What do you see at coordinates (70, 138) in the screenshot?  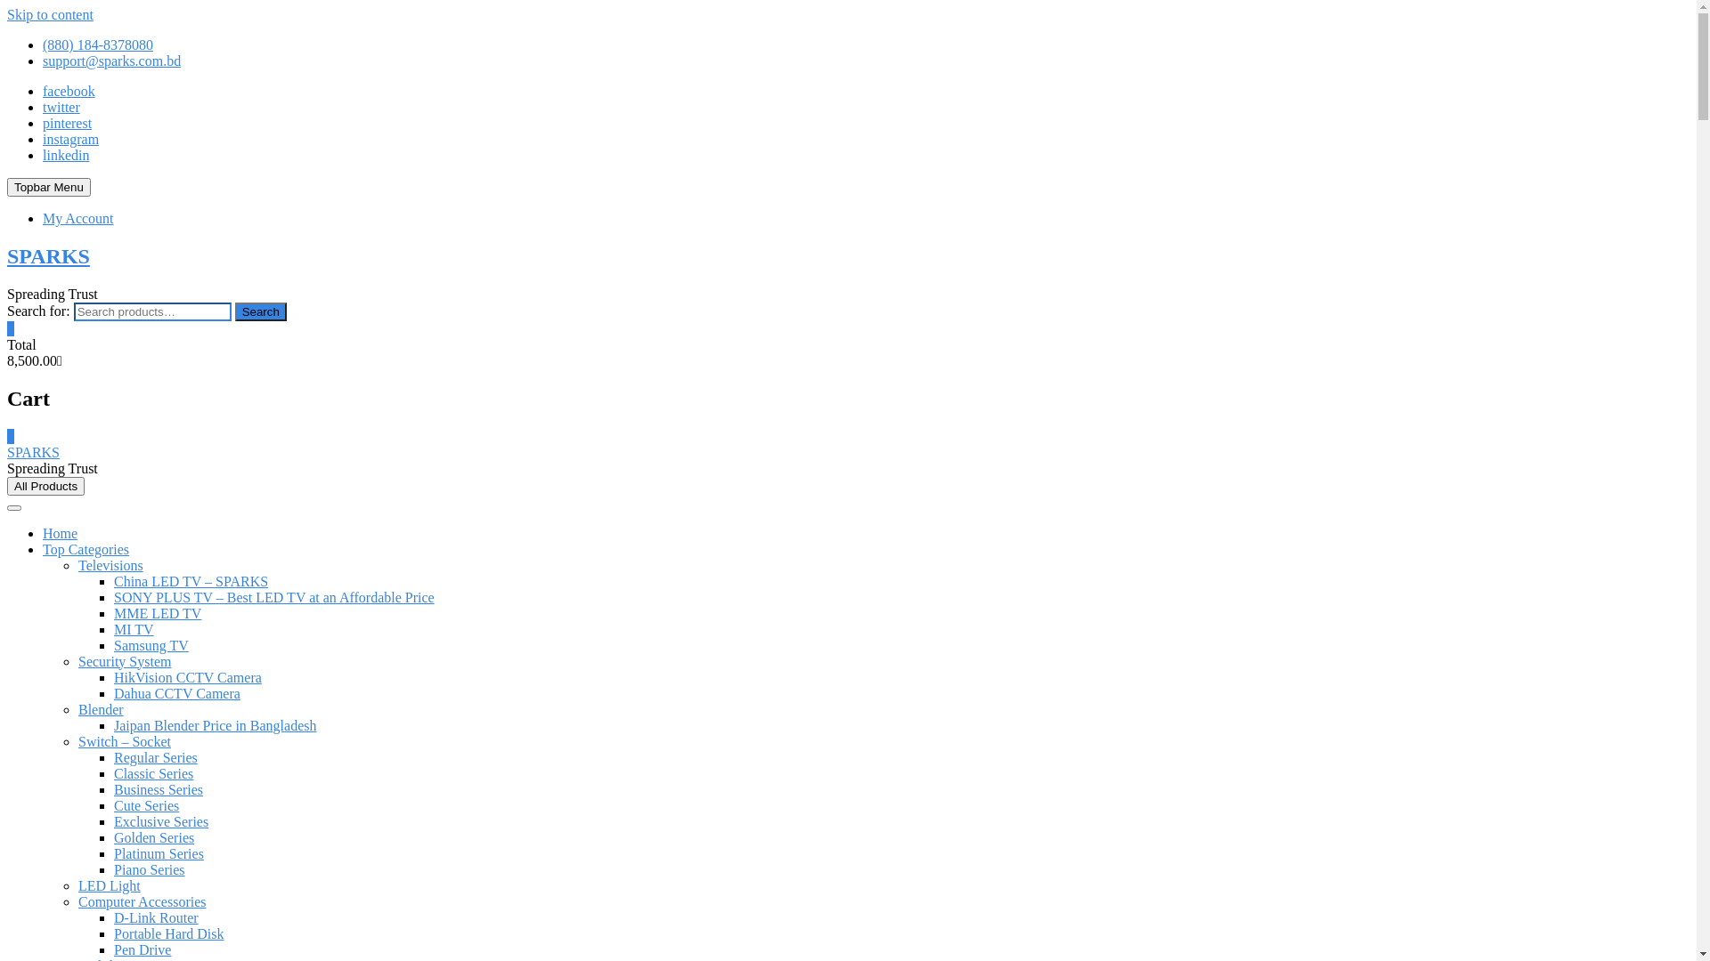 I see `'instagram'` at bounding box center [70, 138].